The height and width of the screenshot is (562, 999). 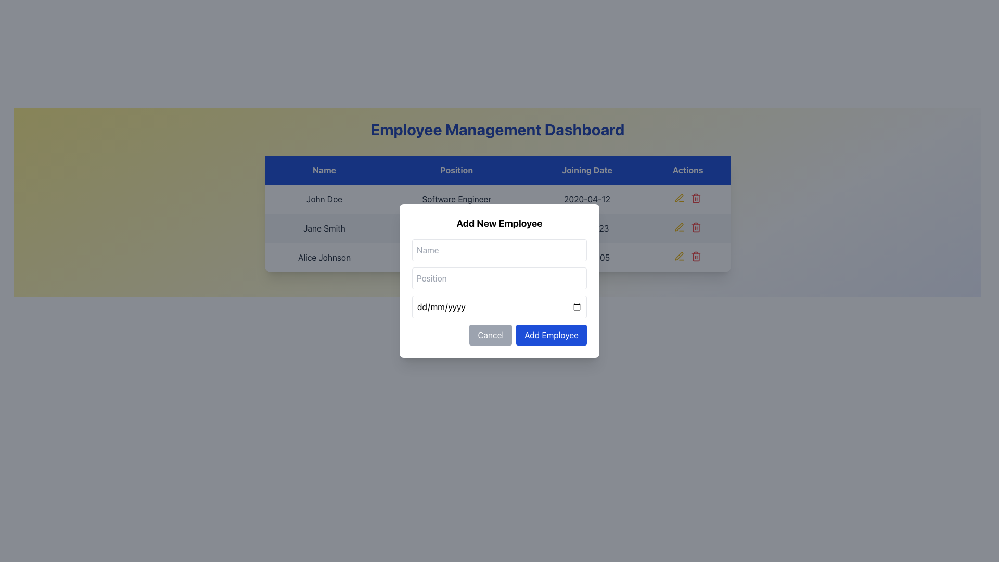 I want to click on the 'Cancel' button located at the bottom-left corner of the modal, which dismisses the modal without saving any changes, so click(x=490, y=335).